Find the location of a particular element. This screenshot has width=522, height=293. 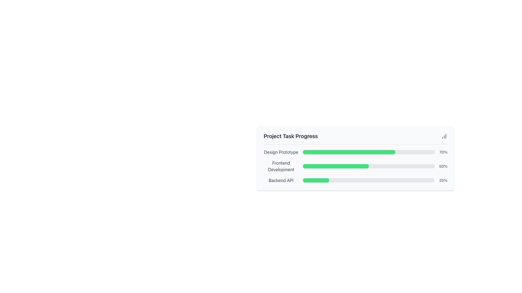

label and percentage of the second progress bar in the 'Project Task Progress' card, which indicates that 'Frontend Development' is 50% complete is located at coordinates (356, 166).